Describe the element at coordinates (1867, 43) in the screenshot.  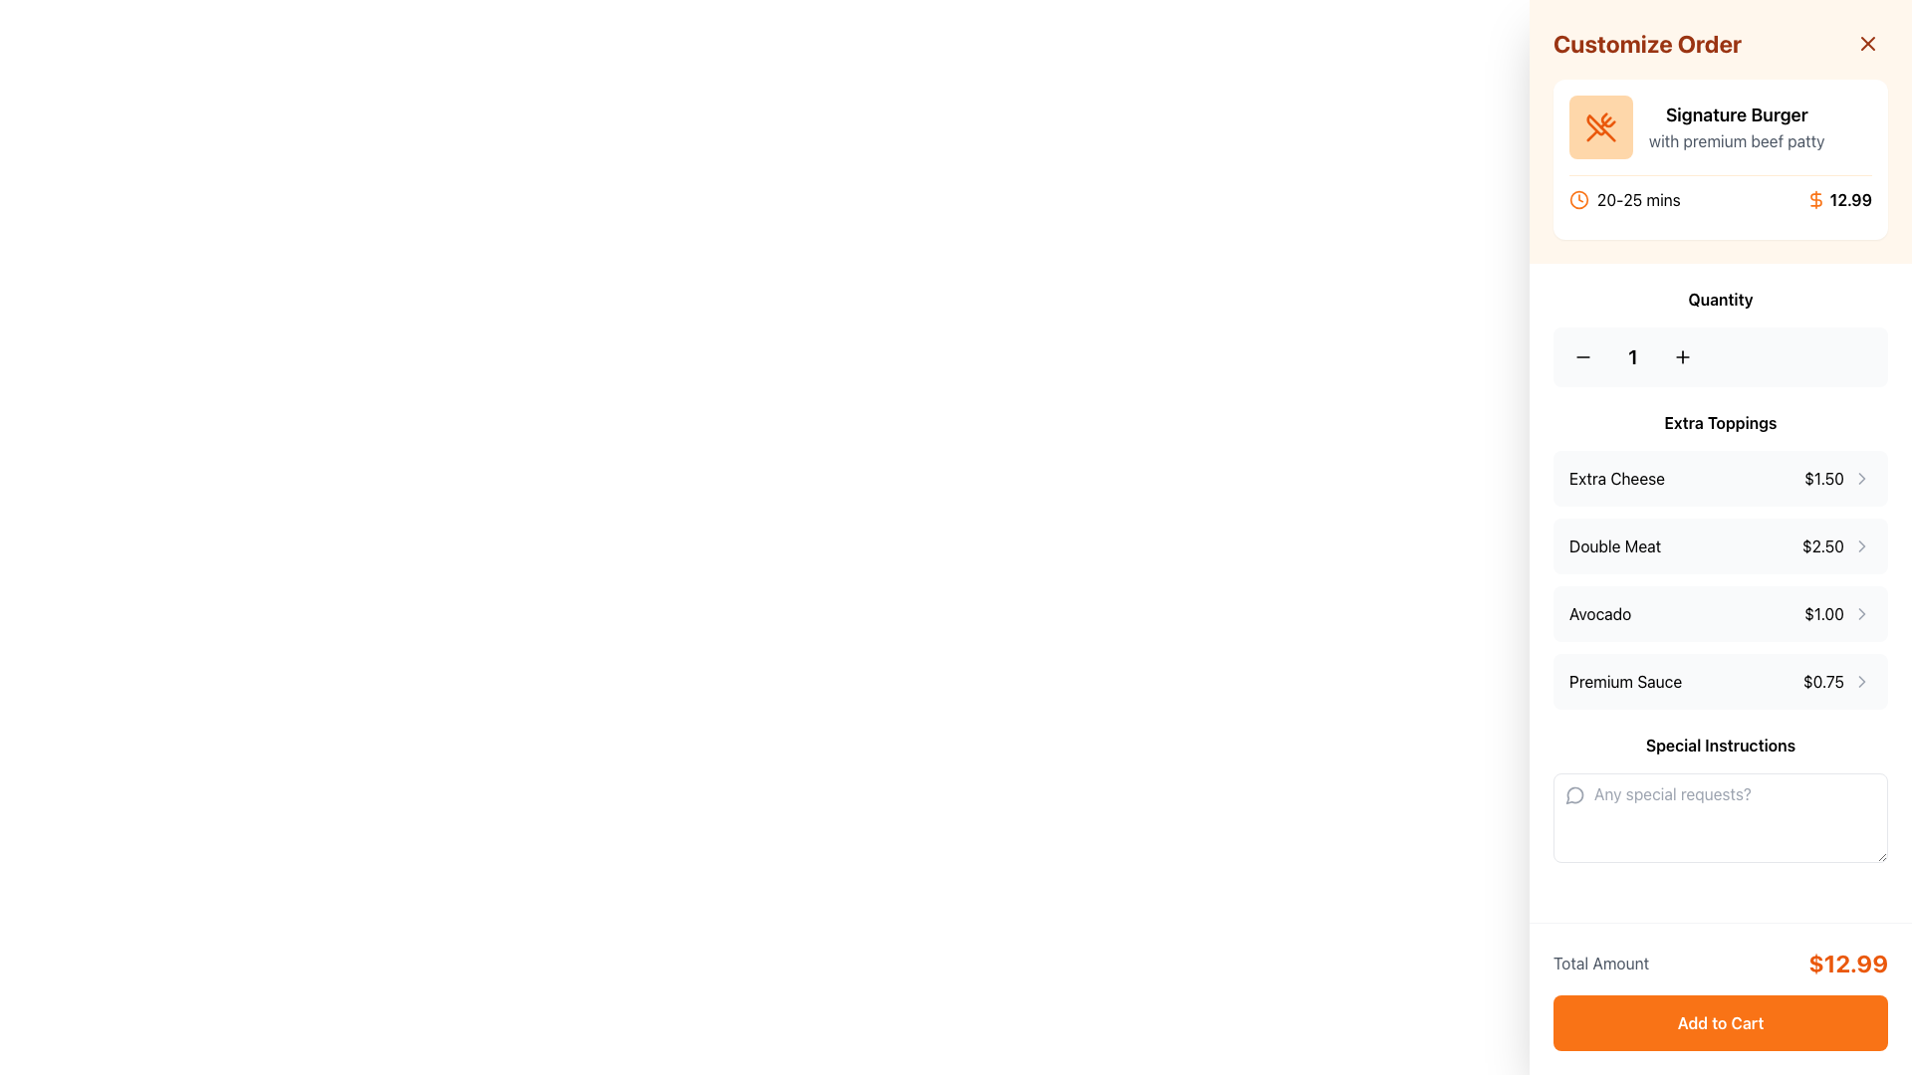
I see `the close or cancel icon button located in the top-right corner of the 'Customize Order' card interface` at that location.